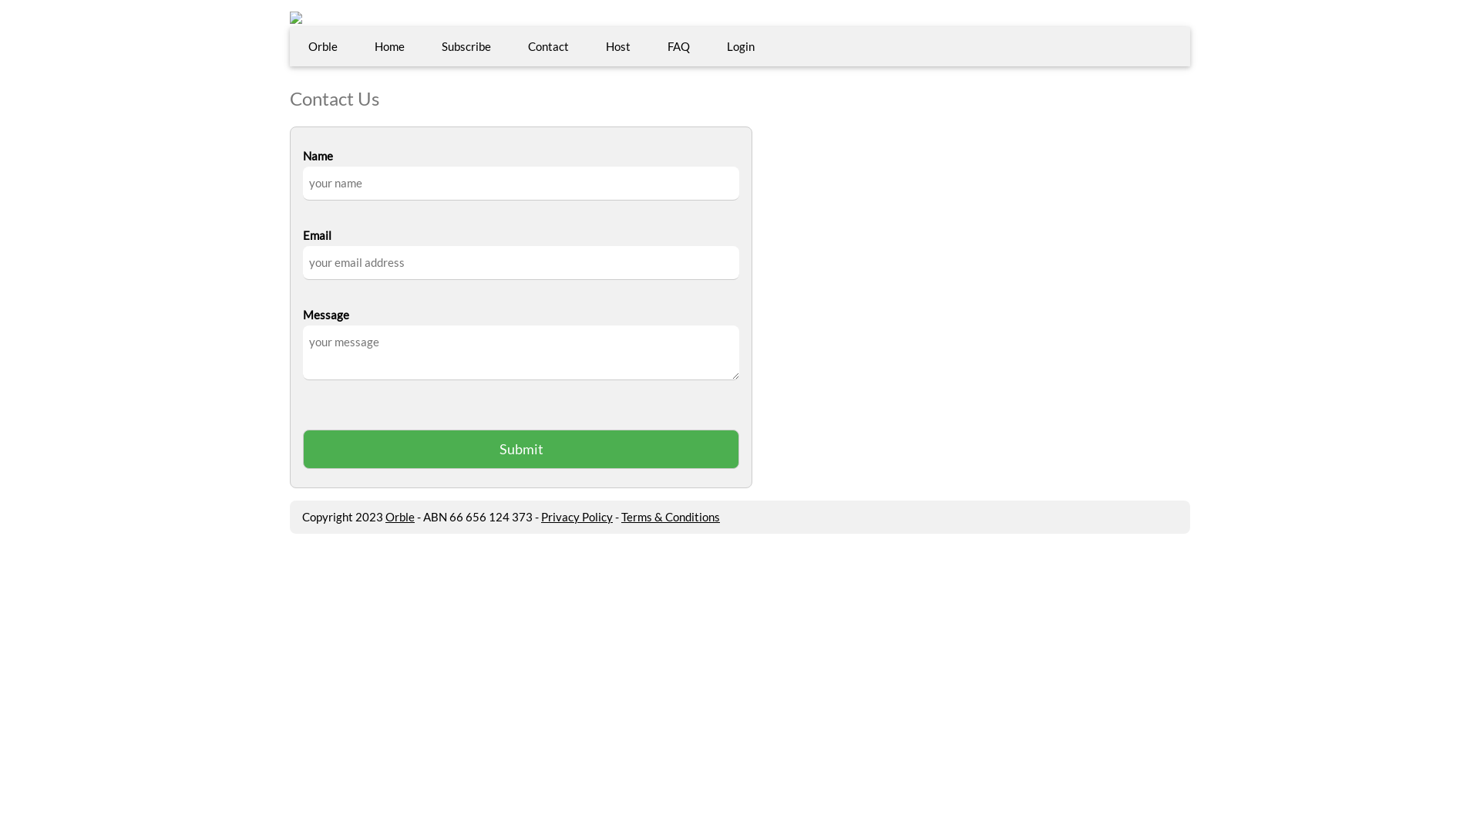 This screenshot has width=1480, height=833. What do you see at coordinates (617, 46) in the screenshot?
I see `'Host'` at bounding box center [617, 46].